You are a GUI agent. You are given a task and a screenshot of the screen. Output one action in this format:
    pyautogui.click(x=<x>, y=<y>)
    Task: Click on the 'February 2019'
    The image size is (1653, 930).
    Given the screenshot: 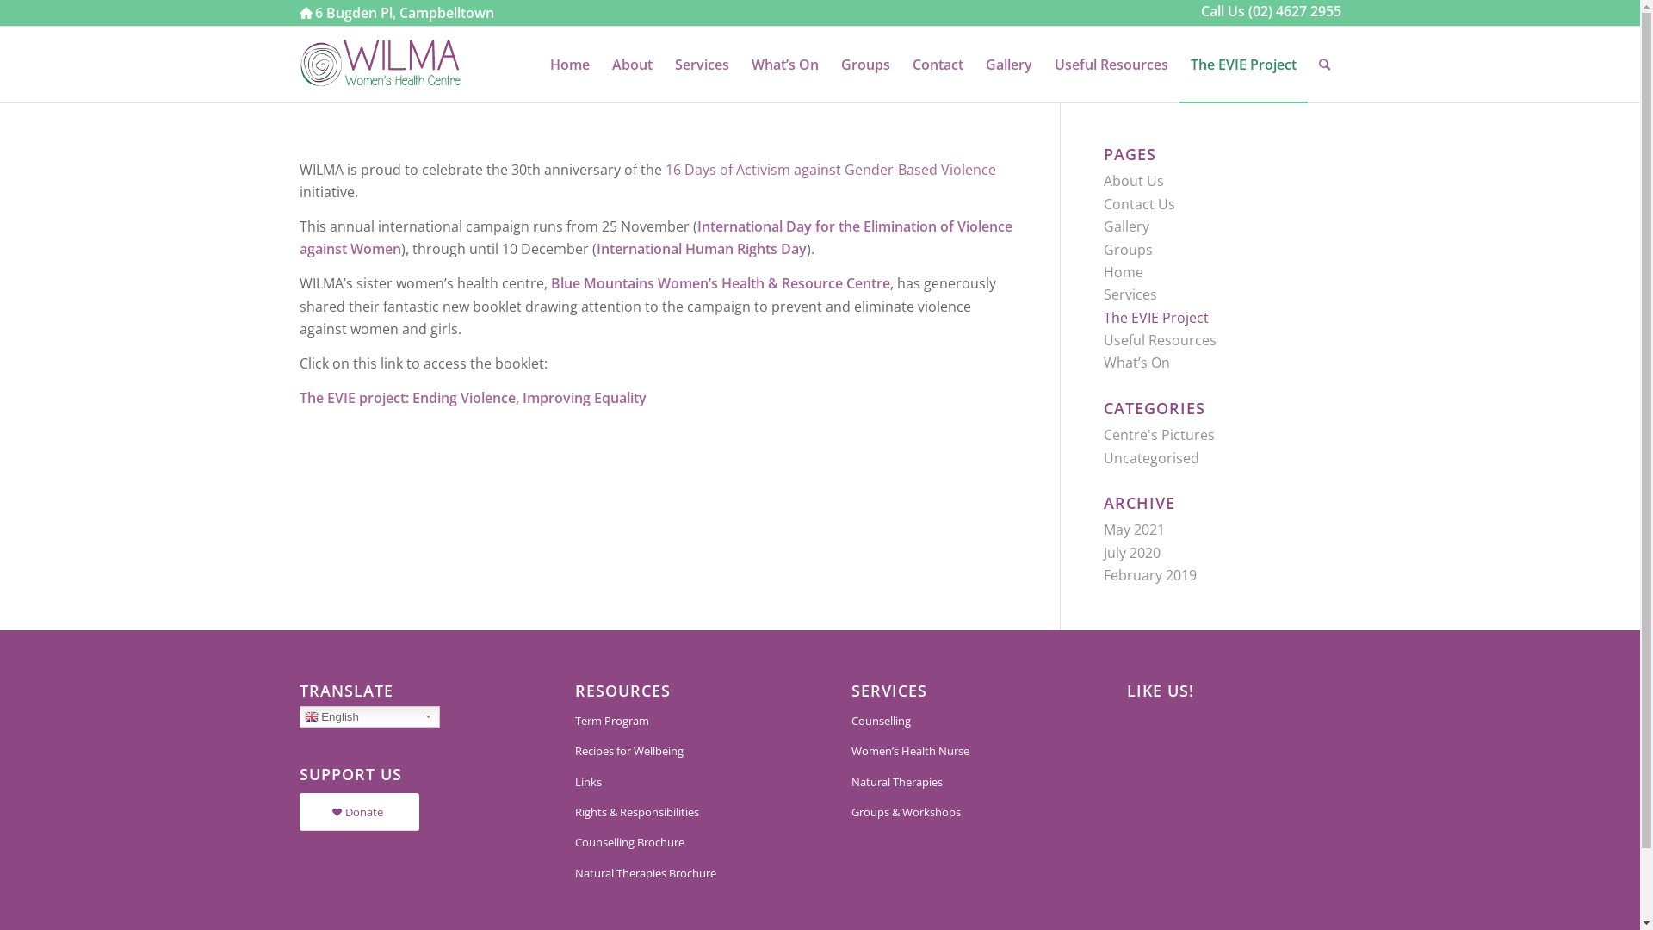 What is the action you would take?
    pyautogui.click(x=1149, y=574)
    